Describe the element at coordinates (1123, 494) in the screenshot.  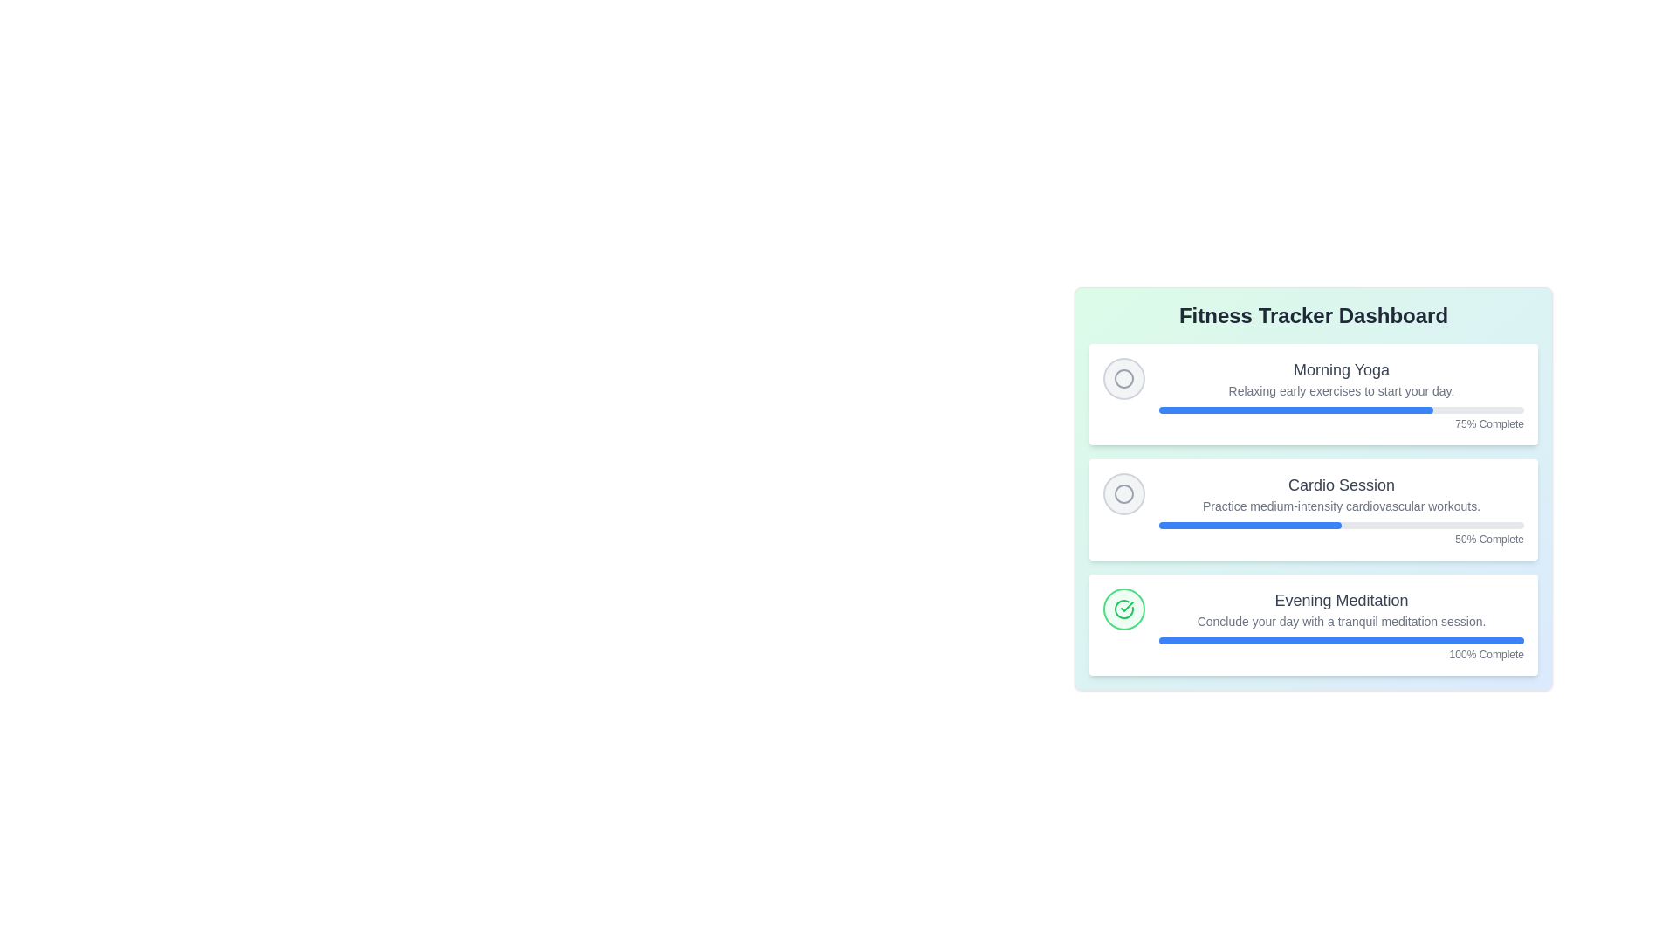
I see `the circular icon with a gray outline and light gray background located in the top-left section of the 'Cardio Session' card, positioned left of the 'Cardio Session' title` at that location.